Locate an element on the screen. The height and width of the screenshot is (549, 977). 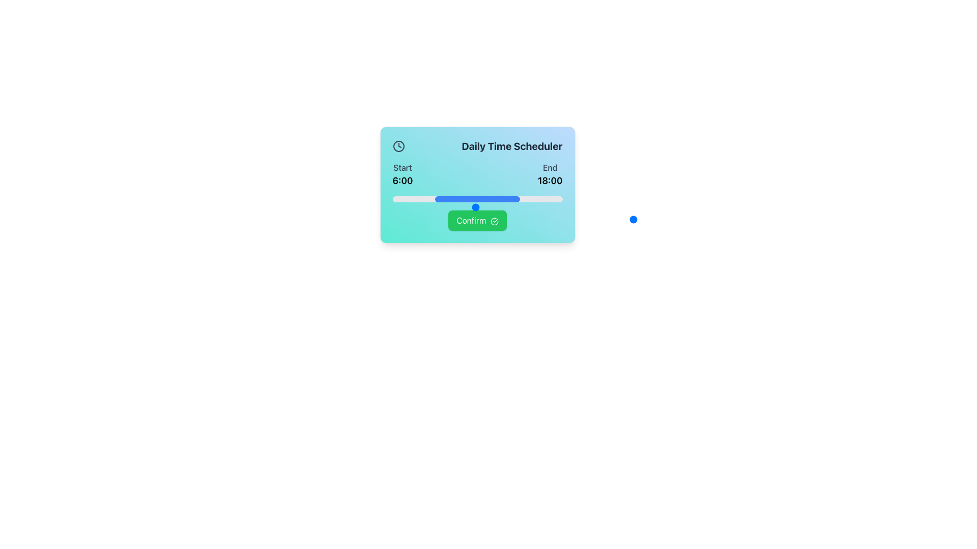
the range slider bar to set a value between 0 and 24, which is the second horizontal slider below the 'Confirm' button is located at coordinates (554, 219).